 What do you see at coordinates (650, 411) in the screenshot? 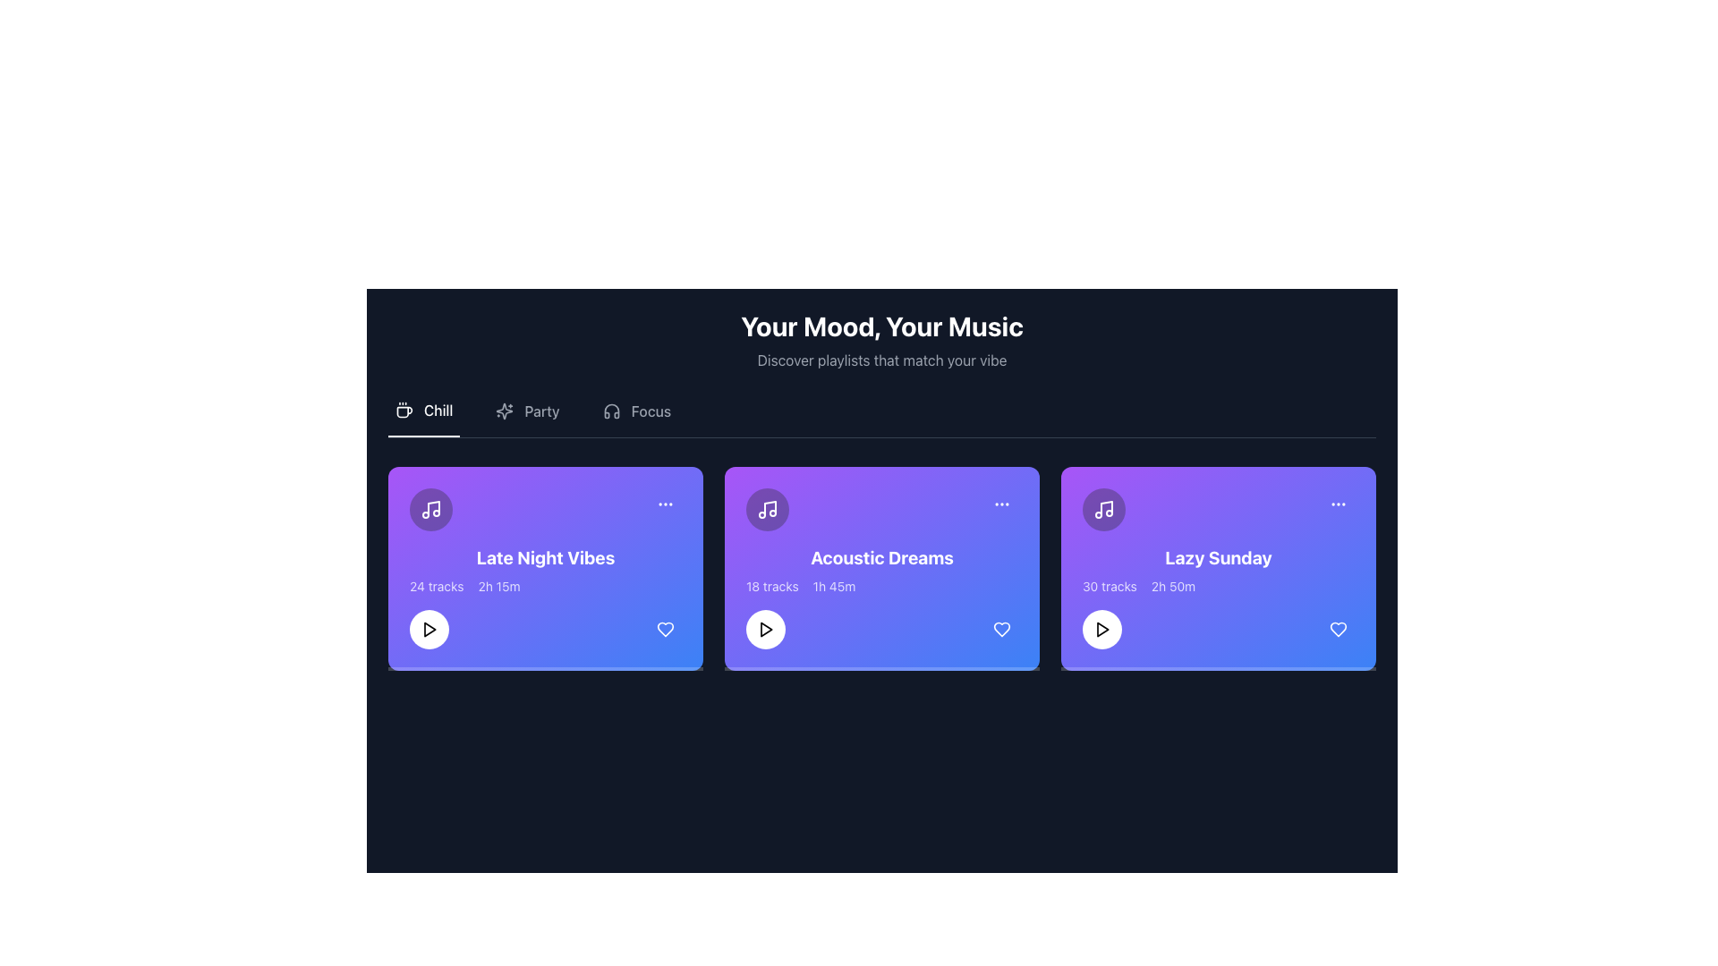
I see `the interactive text label for navigation to the 'Focus' section, located at the center-right end of the horizontal navigation bar, following the 'Chill' and 'Party' options` at bounding box center [650, 411].